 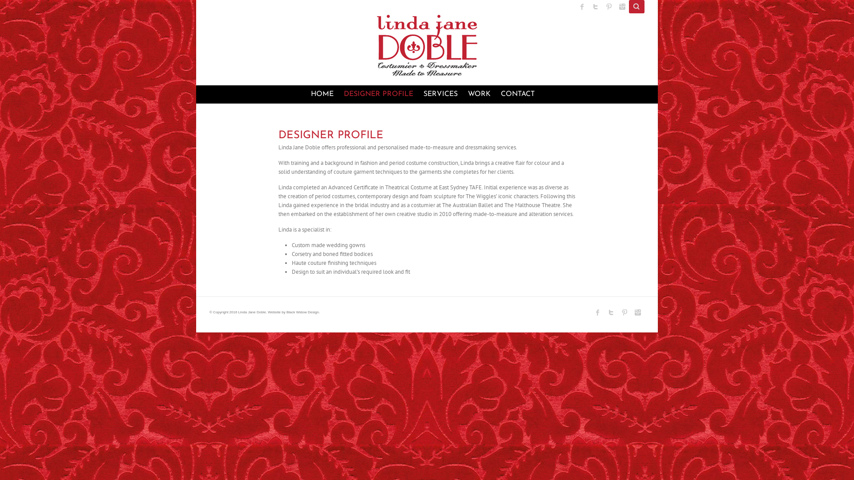 I want to click on 'CONTACT', so click(x=517, y=93).